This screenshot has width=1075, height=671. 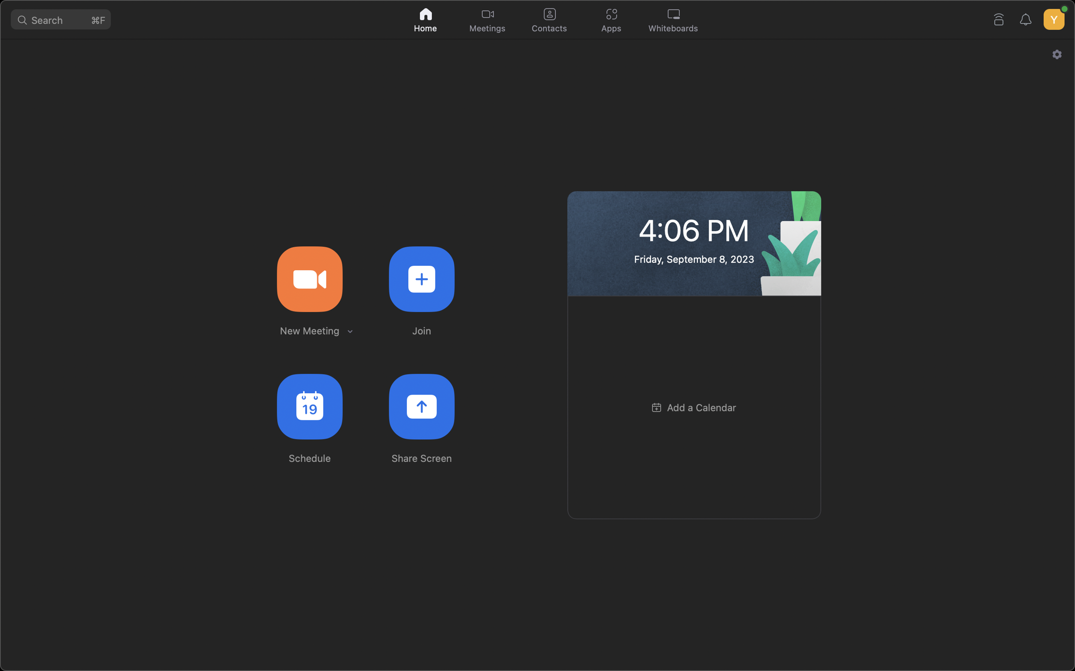 I want to click on Display your desktop view to the participants of your meeting, so click(x=422, y=407).